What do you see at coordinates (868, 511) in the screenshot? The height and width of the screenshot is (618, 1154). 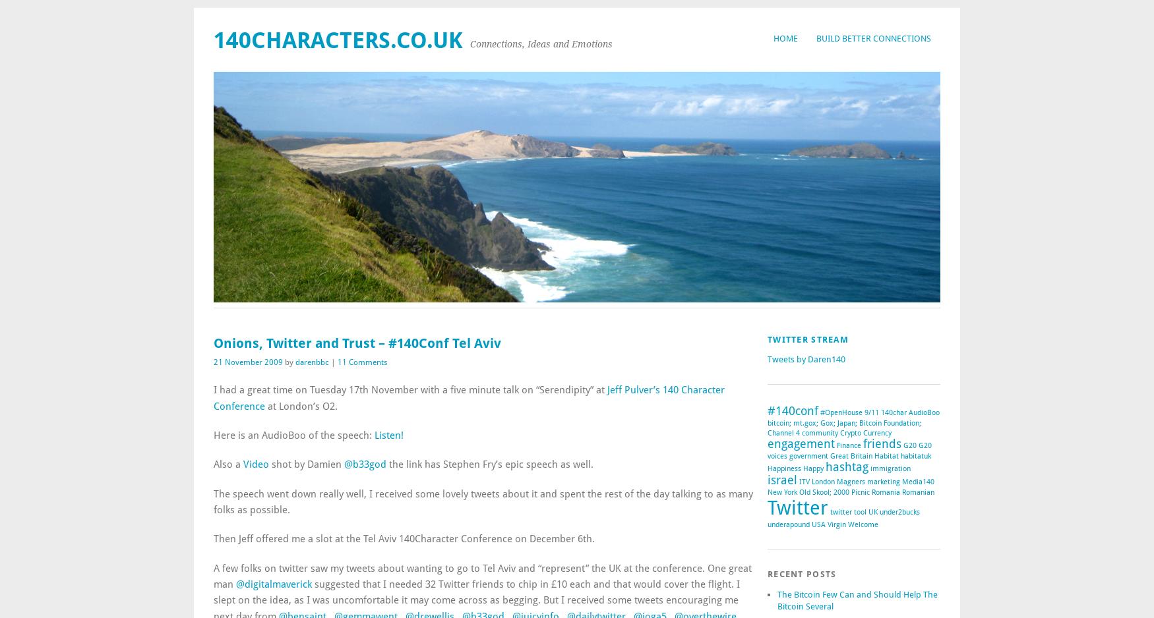 I see `'UK'` at bounding box center [868, 511].